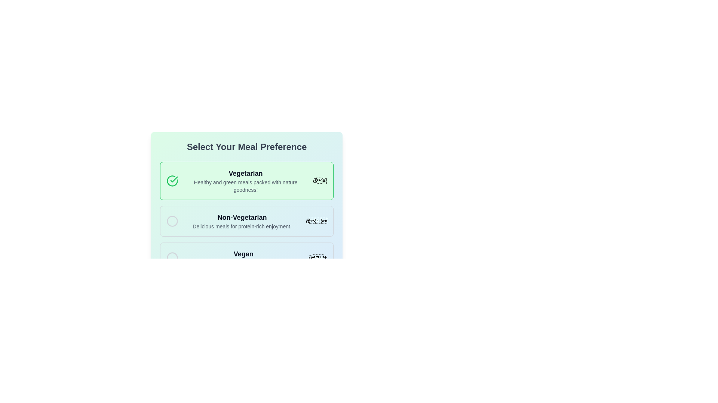 The height and width of the screenshot is (403, 718). What do you see at coordinates (174, 179) in the screenshot?
I see `the graphic representation of the green checkmark glyph inside the circular icon next to the 'Vegetarian' meal selection option` at bounding box center [174, 179].